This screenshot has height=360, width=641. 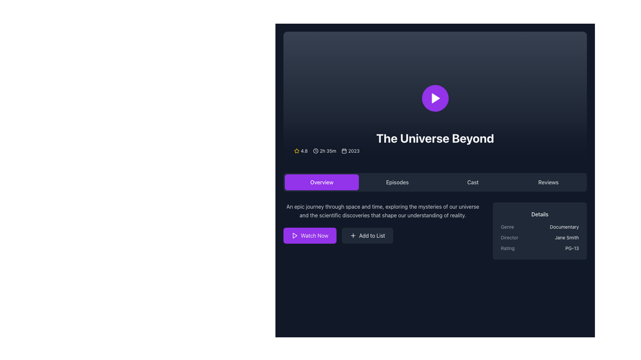 I want to click on the bold purple 'Watch Now' button with rounded corners, so click(x=309, y=235).